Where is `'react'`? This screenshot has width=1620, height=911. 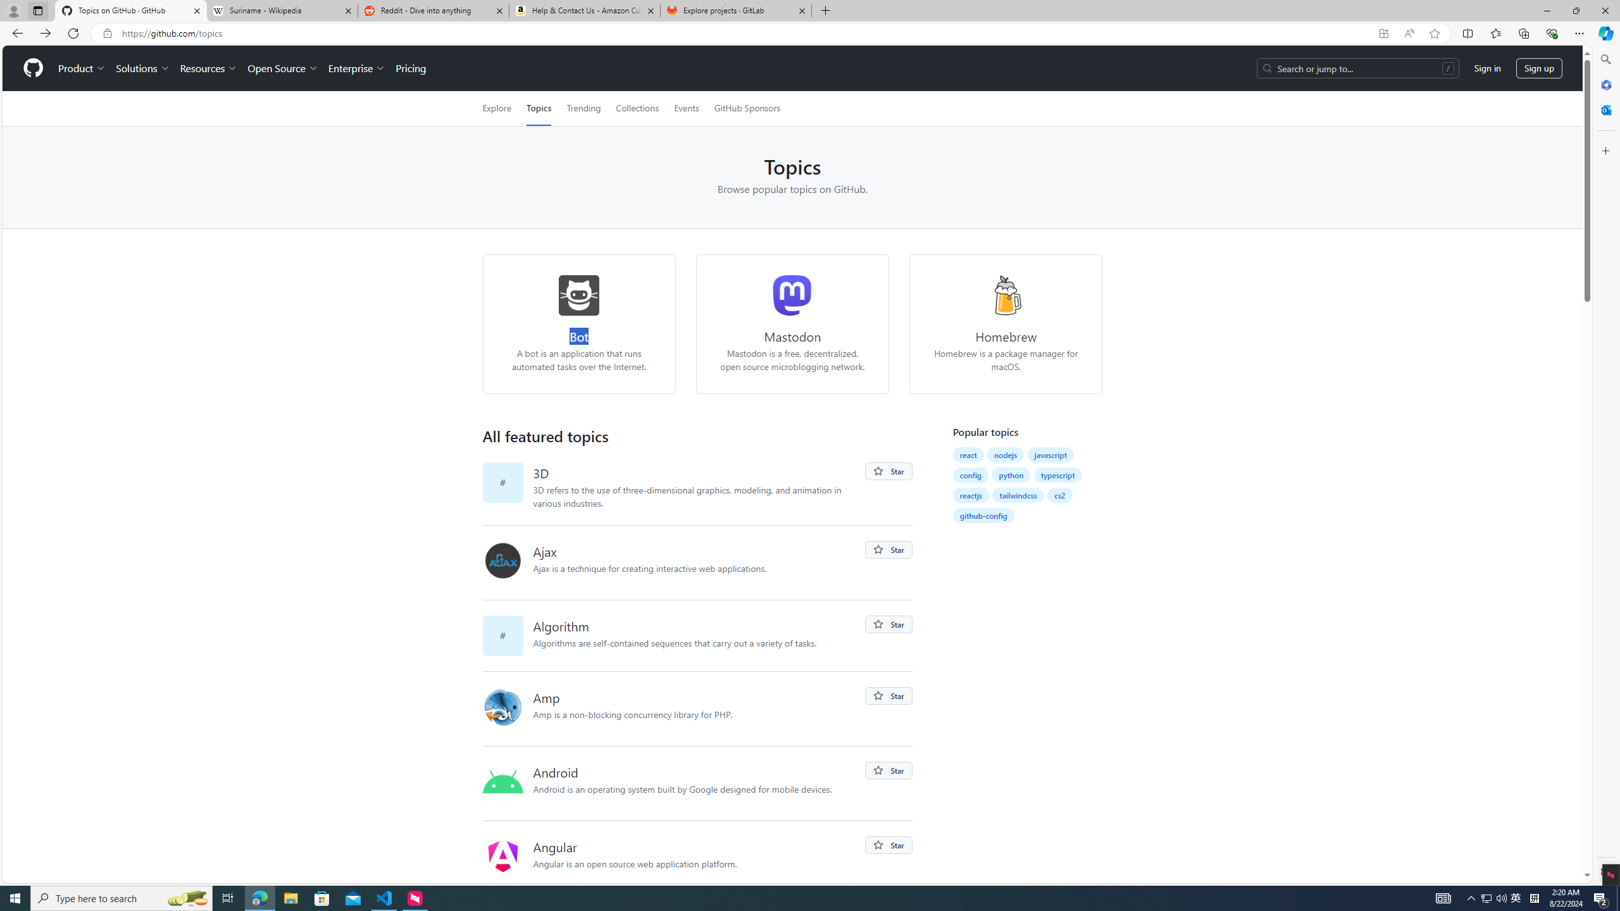 'react' is located at coordinates (968, 454).